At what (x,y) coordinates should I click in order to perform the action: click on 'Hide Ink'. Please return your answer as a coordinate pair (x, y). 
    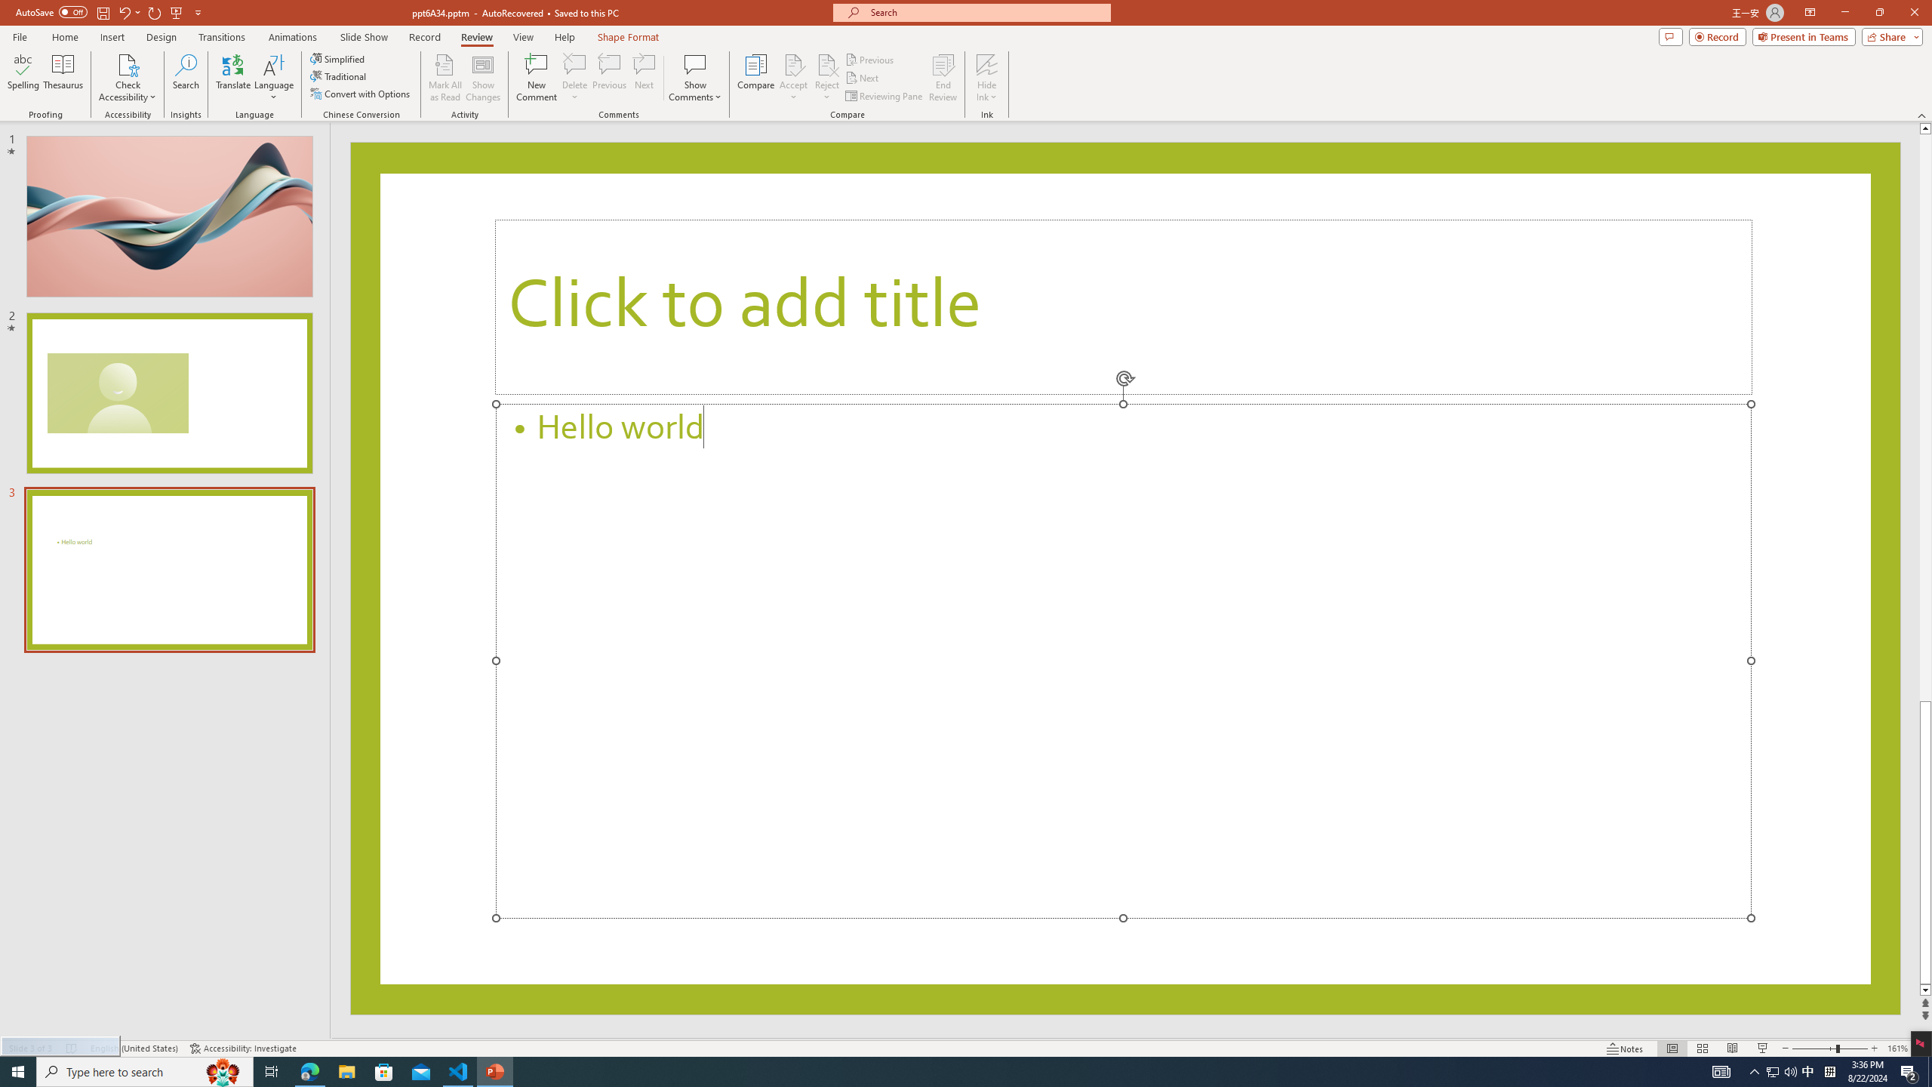
    Looking at the image, I should click on (987, 63).